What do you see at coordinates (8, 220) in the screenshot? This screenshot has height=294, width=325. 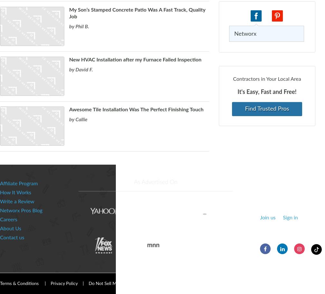 I see `'Careers'` at bounding box center [8, 220].